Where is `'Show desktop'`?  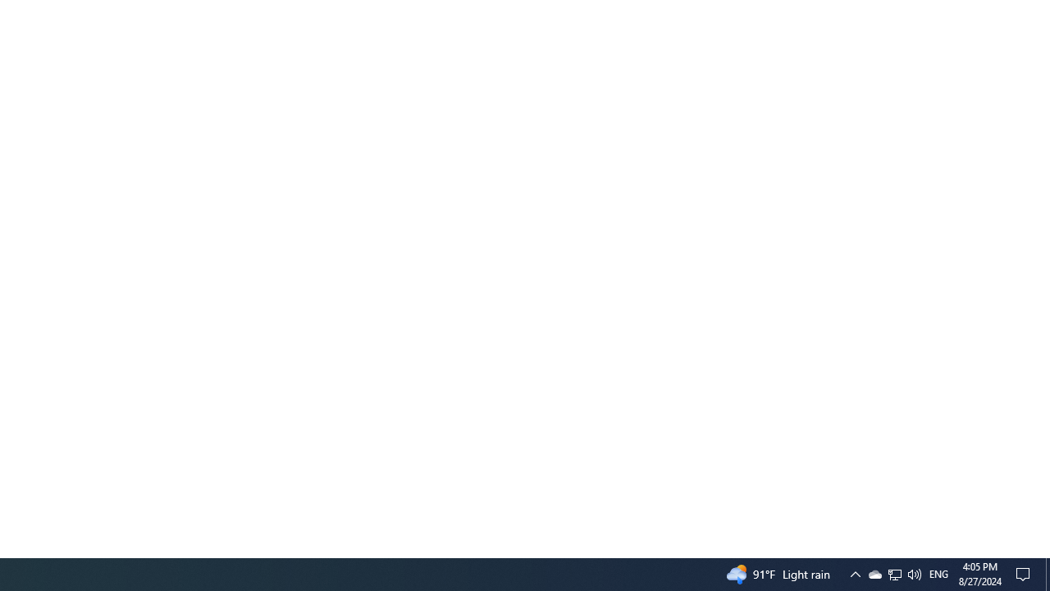 'Show desktop' is located at coordinates (1047, 573).